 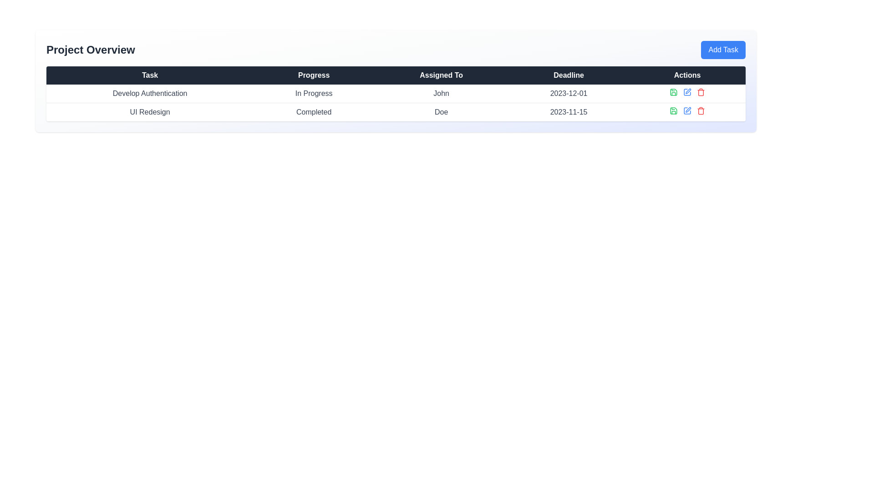 I want to click on text label representing the name of a task in the first column of the second row under the 'Task' header in the 'Project Overview' section, so click(x=150, y=111).